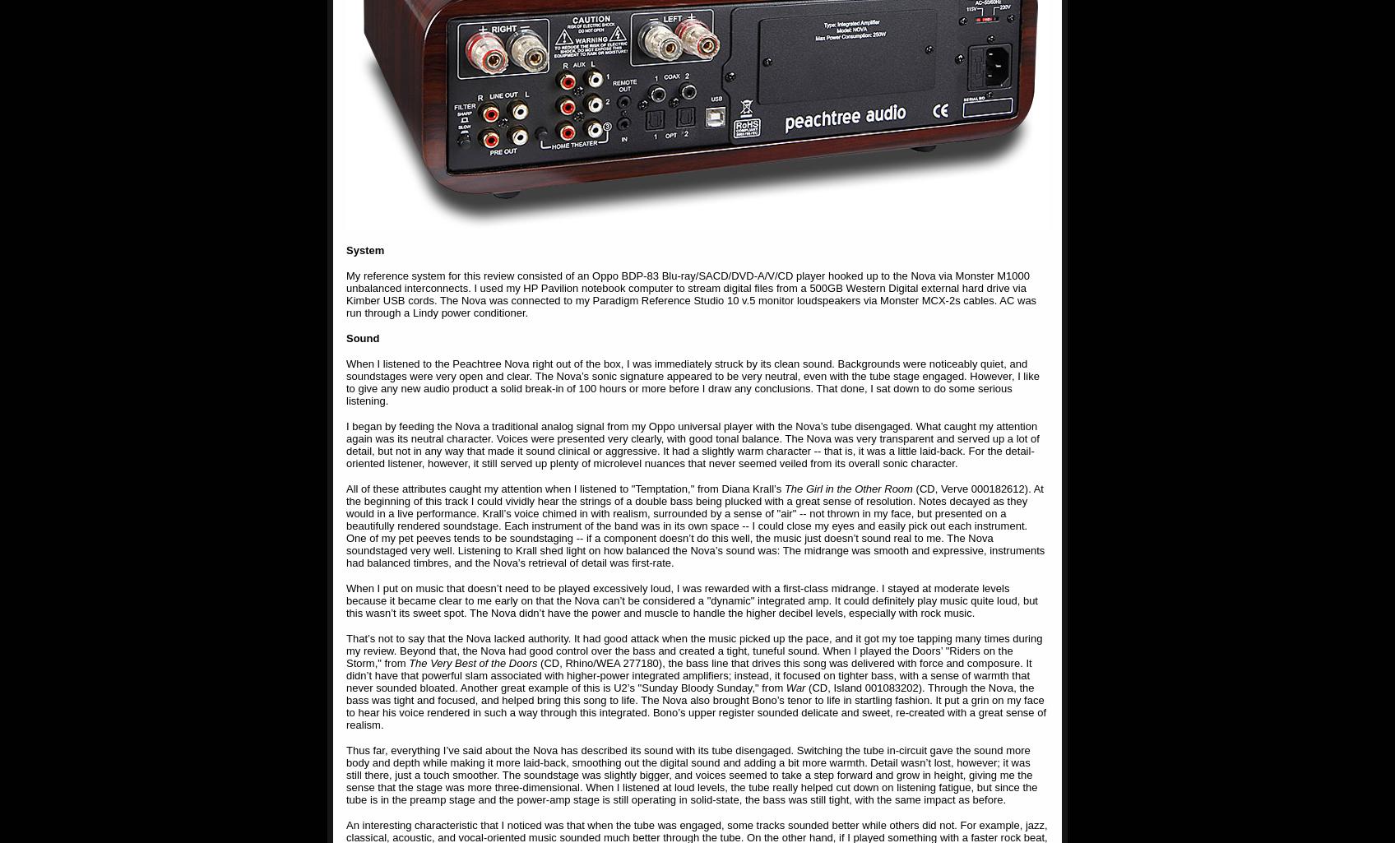 The height and width of the screenshot is (843, 1395). Describe the element at coordinates (345, 525) in the screenshot. I see `'(CD,
            Verve 000182612). At the beginning of this track I could vividly hear the strings of a
            double bass being plucked with a great sense of resolution. Notes decayed as they would in
            a live performance. Krall’s voice chimed in with realism, surrounded by a sense of
            "air" -- not thrown in my face, but presented on a beautifully rendered
            soundstage. Each instrument of the band was in its own space -- I could close my eyes and
            easily pick out each instrument. One of my pet peeves tends to be soundstaging -- if a
            component doesn’t do this well, the music just doesn’t sound real to me. The
            Nova soundstaged very well. Listening to Krall shed light on how balanced the Nova’s
            sound was: The midrange was smooth and expressive, instruments had balanced timbres, and
            the Nova’s retrieval of detail was first-rate.'` at that location.